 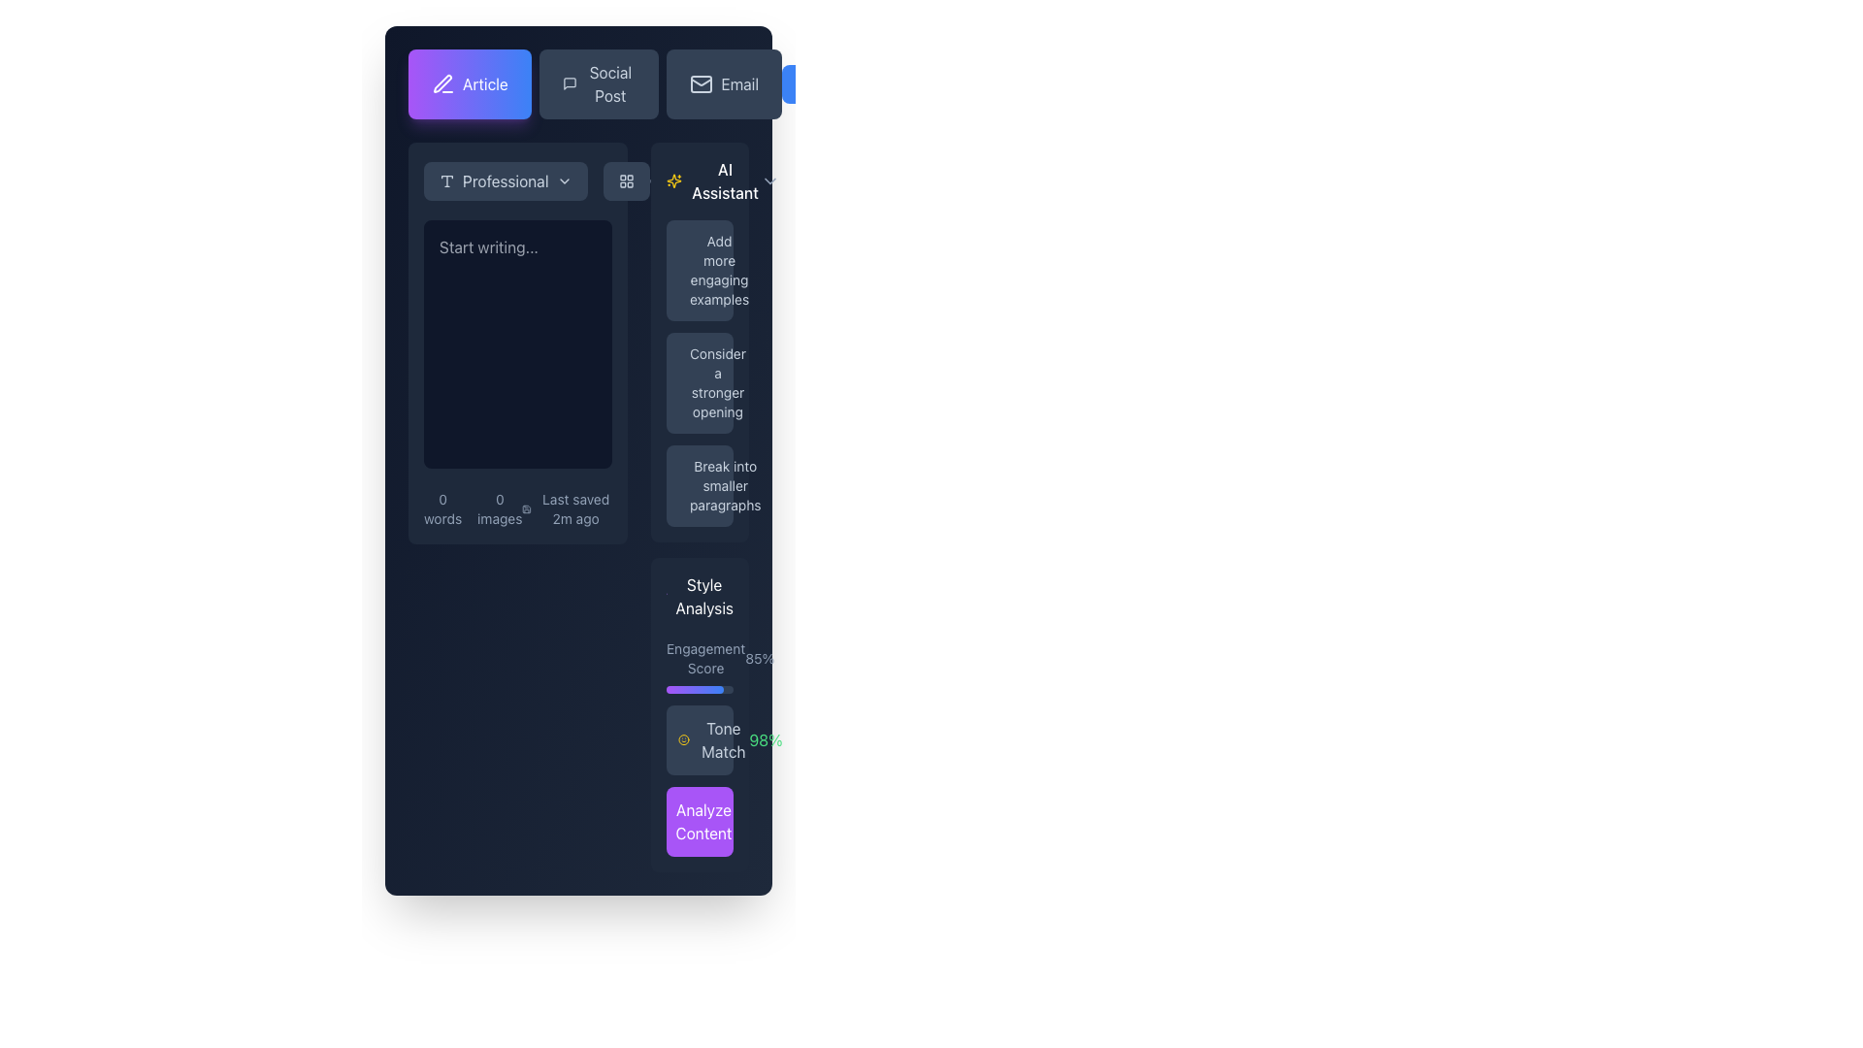 I want to click on the 'Social Post' button, which is a rectangular button with rounded corners, dark navy blue background, and light gray text, positioned between the 'Article' and 'Email' buttons, so click(x=598, y=83).